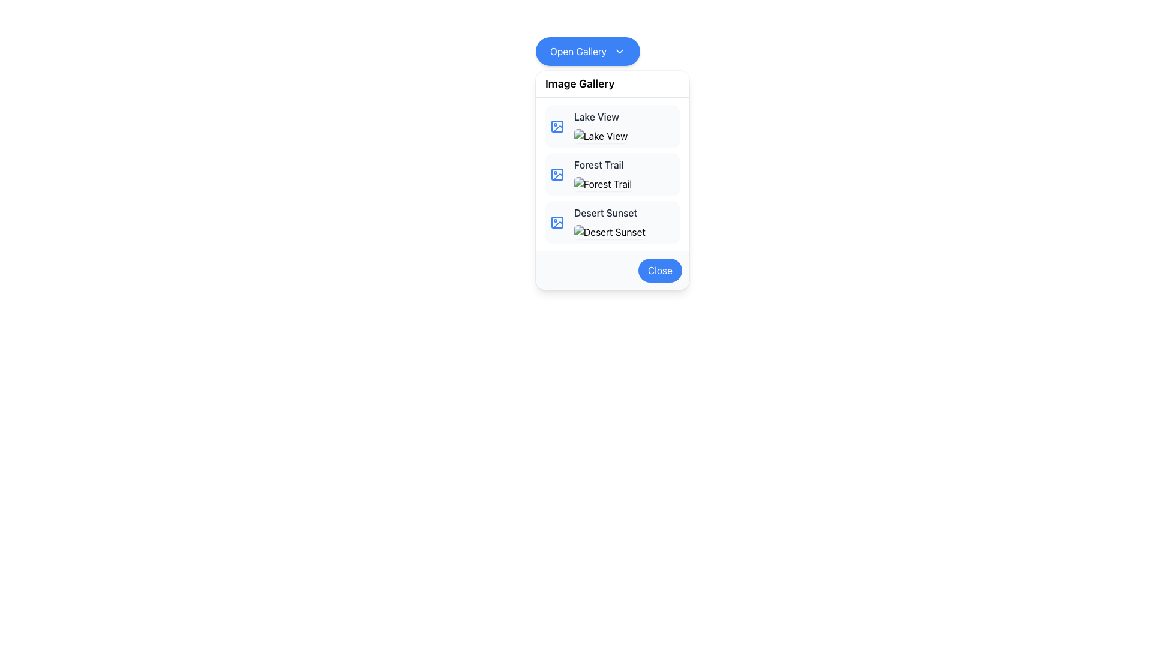 The width and height of the screenshot is (1152, 648). What do you see at coordinates (612, 222) in the screenshot?
I see `the third list item in the gallery displaying 'Desert Sunset'` at bounding box center [612, 222].